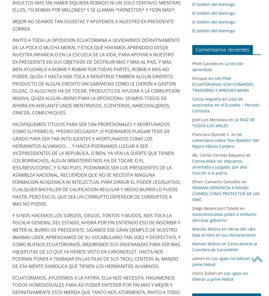 This screenshot has width=269, height=296. Describe the element at coordinates (219, 167) in the screenshot. I see `'Correa debe ser depuesto, arrestado y juzgado, por alta traición a la patria'` at that location.